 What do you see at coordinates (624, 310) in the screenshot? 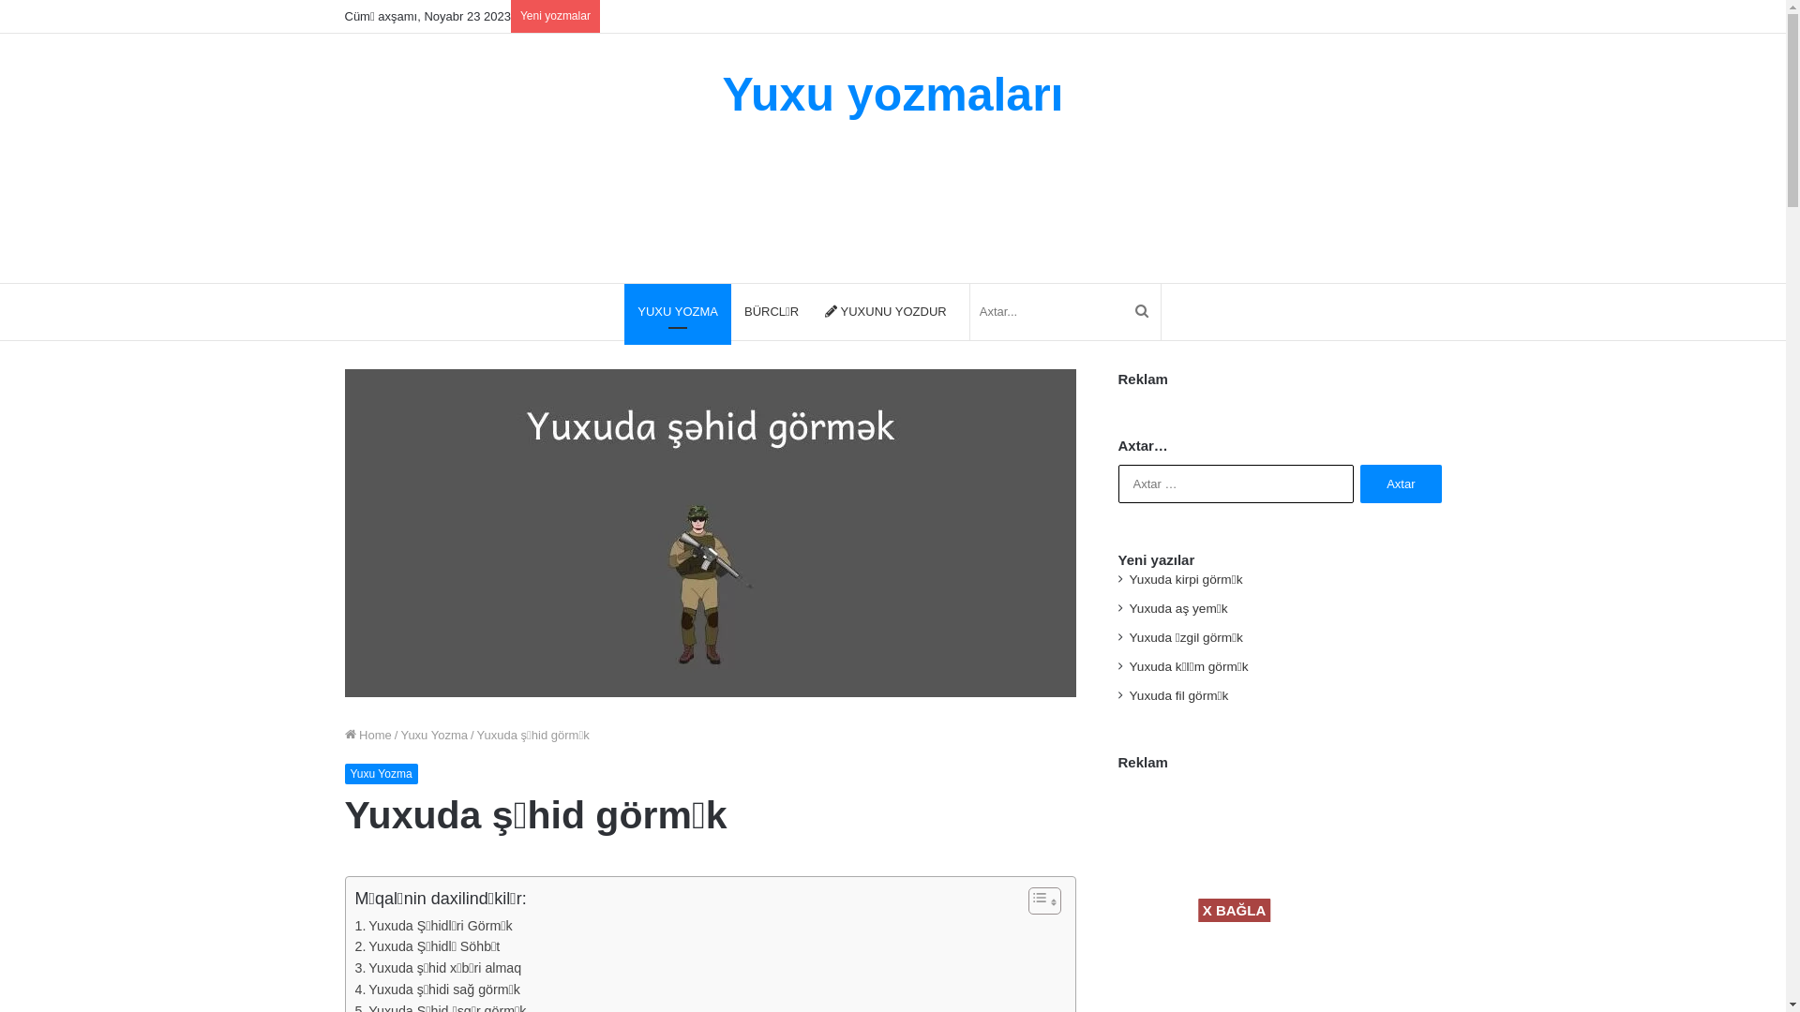
I see `'YUXU YOZMA'` at bounding box center [624, 310].